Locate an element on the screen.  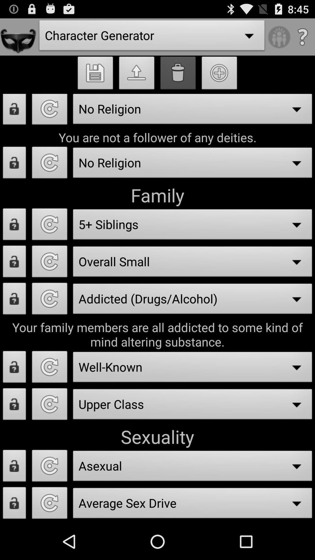
reset is located at coordinates (49, 111).